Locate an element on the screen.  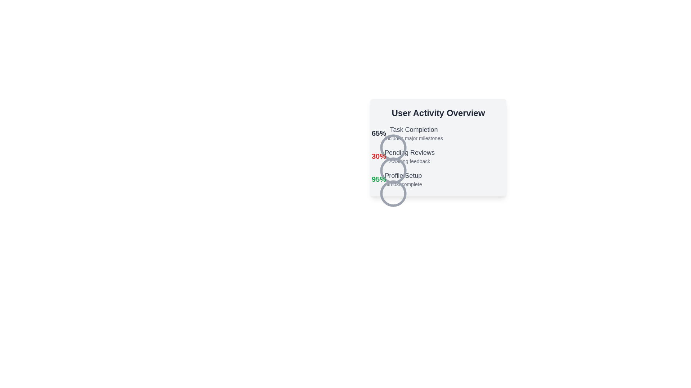
the informational block displaying a progress metric of 65% for task completion is located at coordinates (438, 133).